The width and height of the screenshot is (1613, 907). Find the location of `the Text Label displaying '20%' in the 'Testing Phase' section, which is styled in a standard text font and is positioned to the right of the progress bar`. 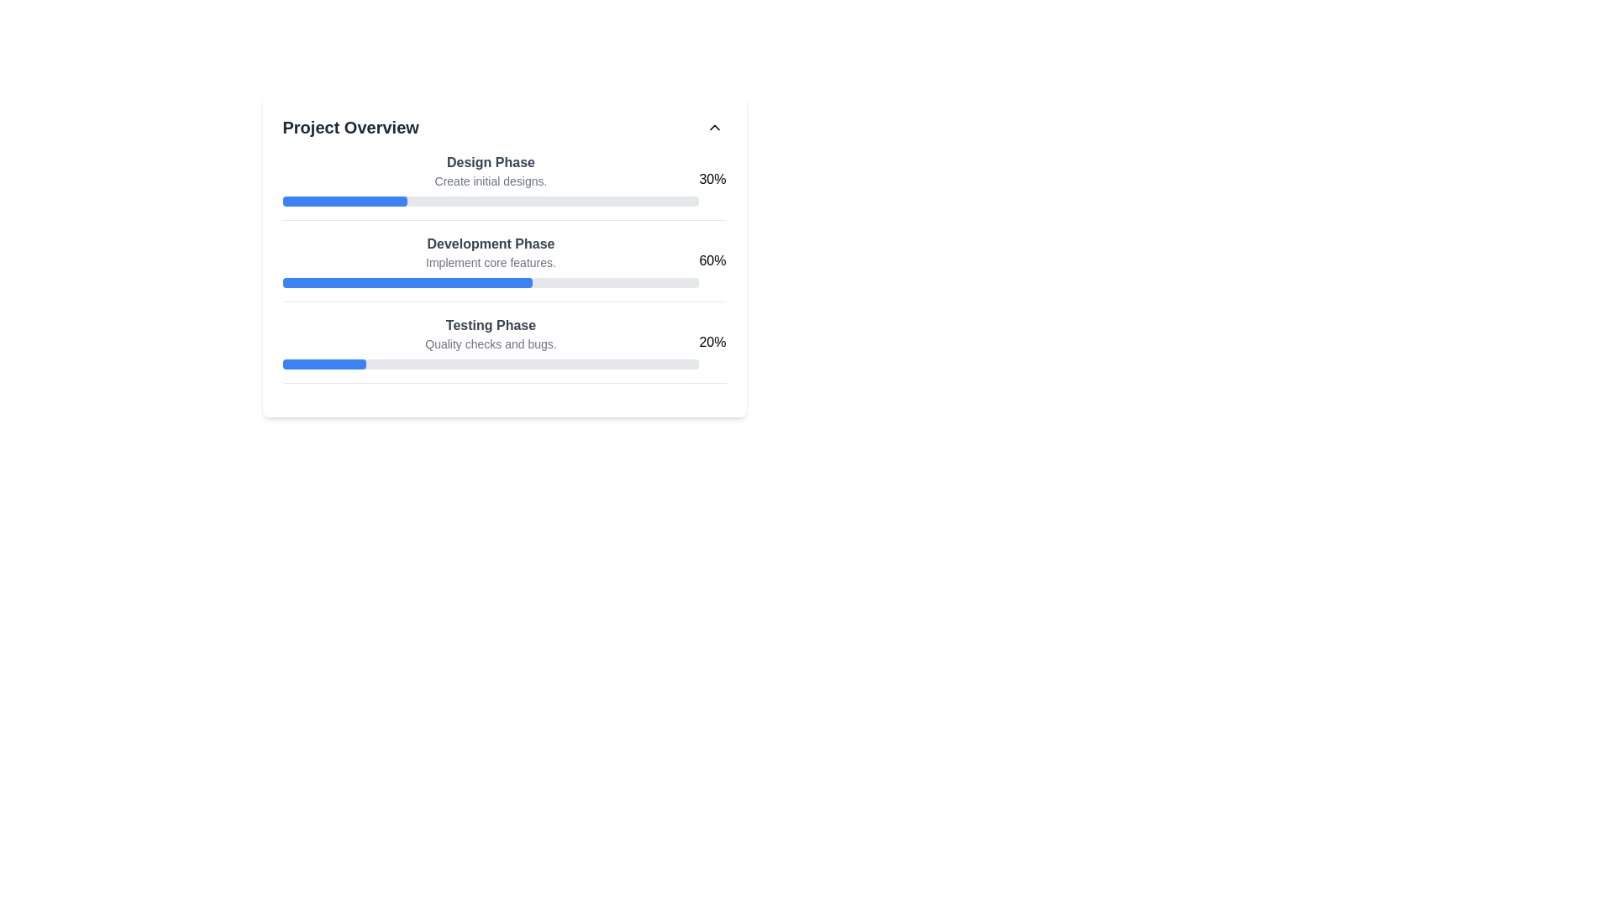

the Text Label displaying '20%' in the 'Testing Phase' section, which is styled in a standard text font and is positioned to the right of the progress bar is located at coordinates (712, 341).